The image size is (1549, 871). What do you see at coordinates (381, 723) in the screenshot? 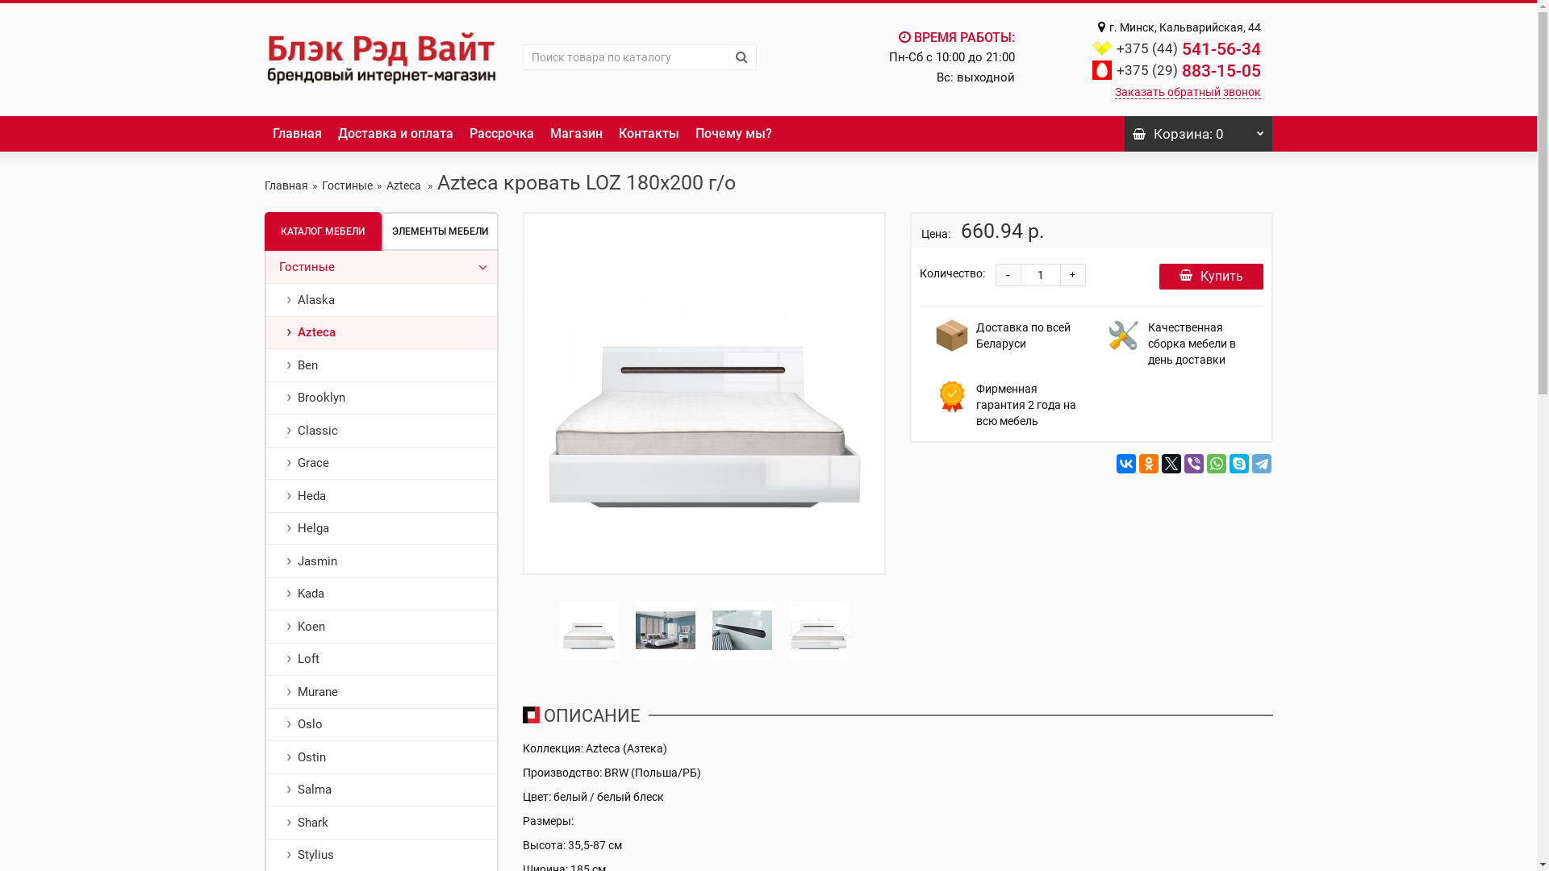
I see `'Oslo'` at bounding box center [381, 723].